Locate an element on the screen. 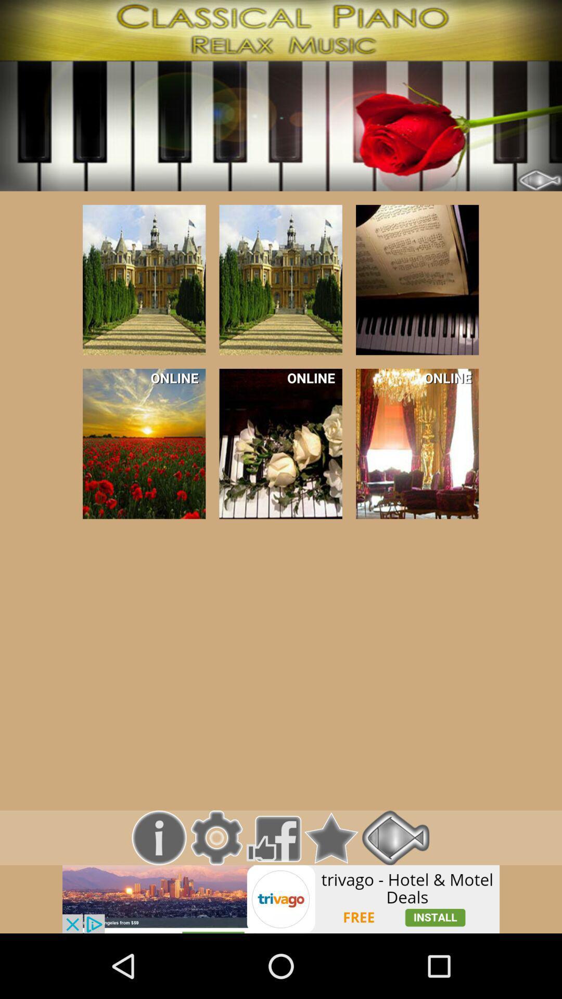  link to advertisement is located at coordinates (281, 899).